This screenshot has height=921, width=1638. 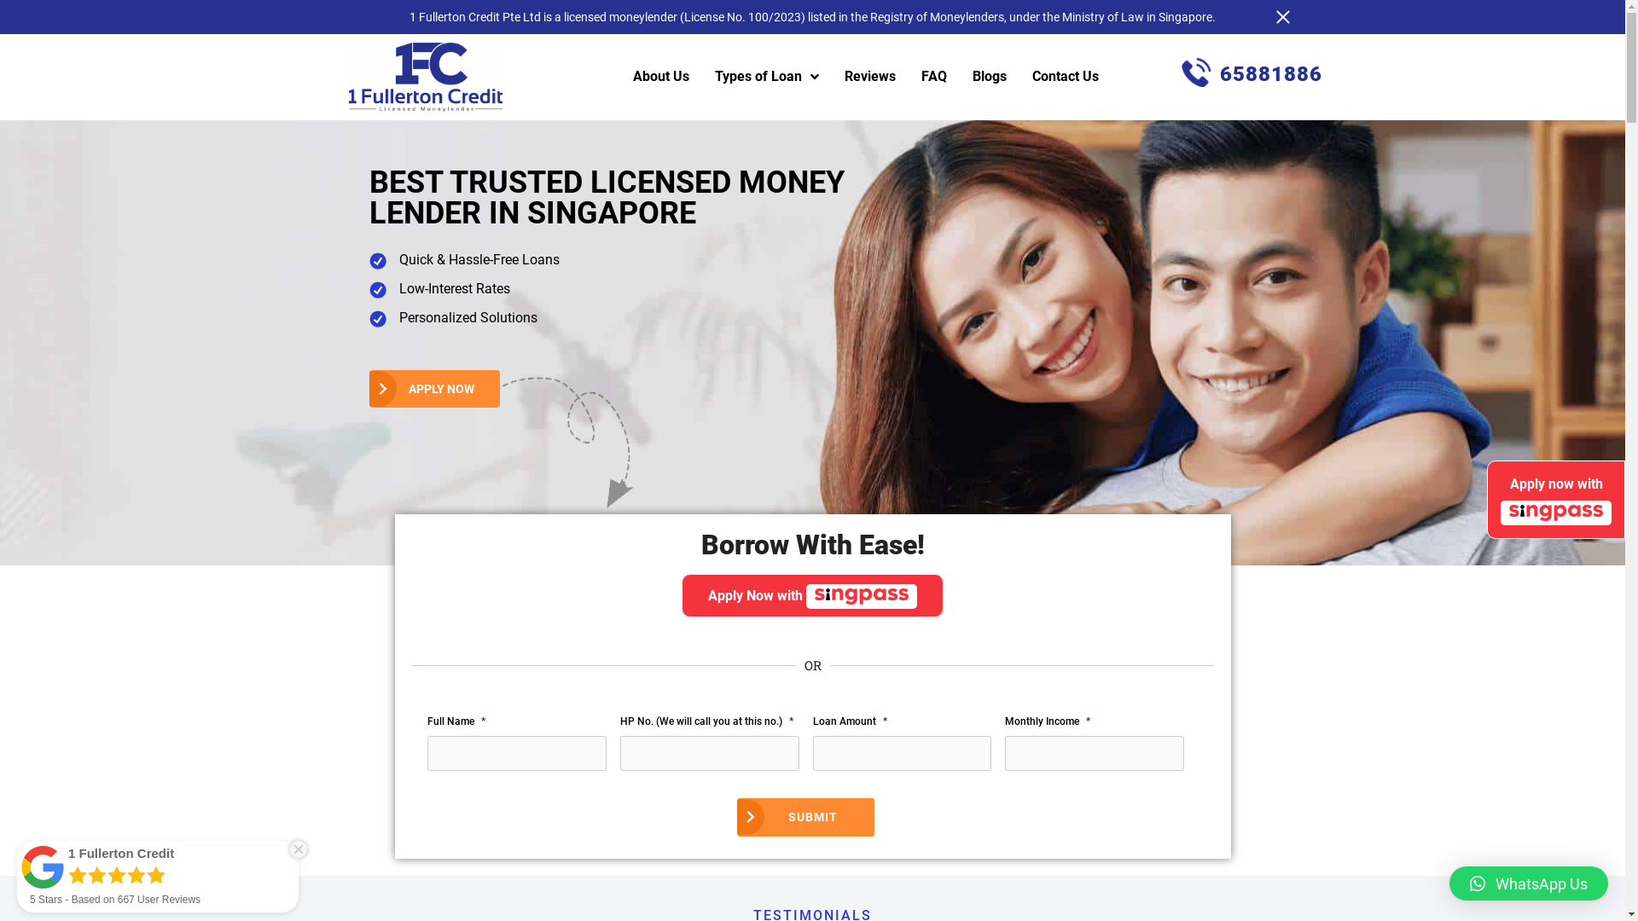 What do you see at coordinates (936, 16) in the screenshot?
I see `'Registry of Moneylenders'` at bounding box center [936, 16].